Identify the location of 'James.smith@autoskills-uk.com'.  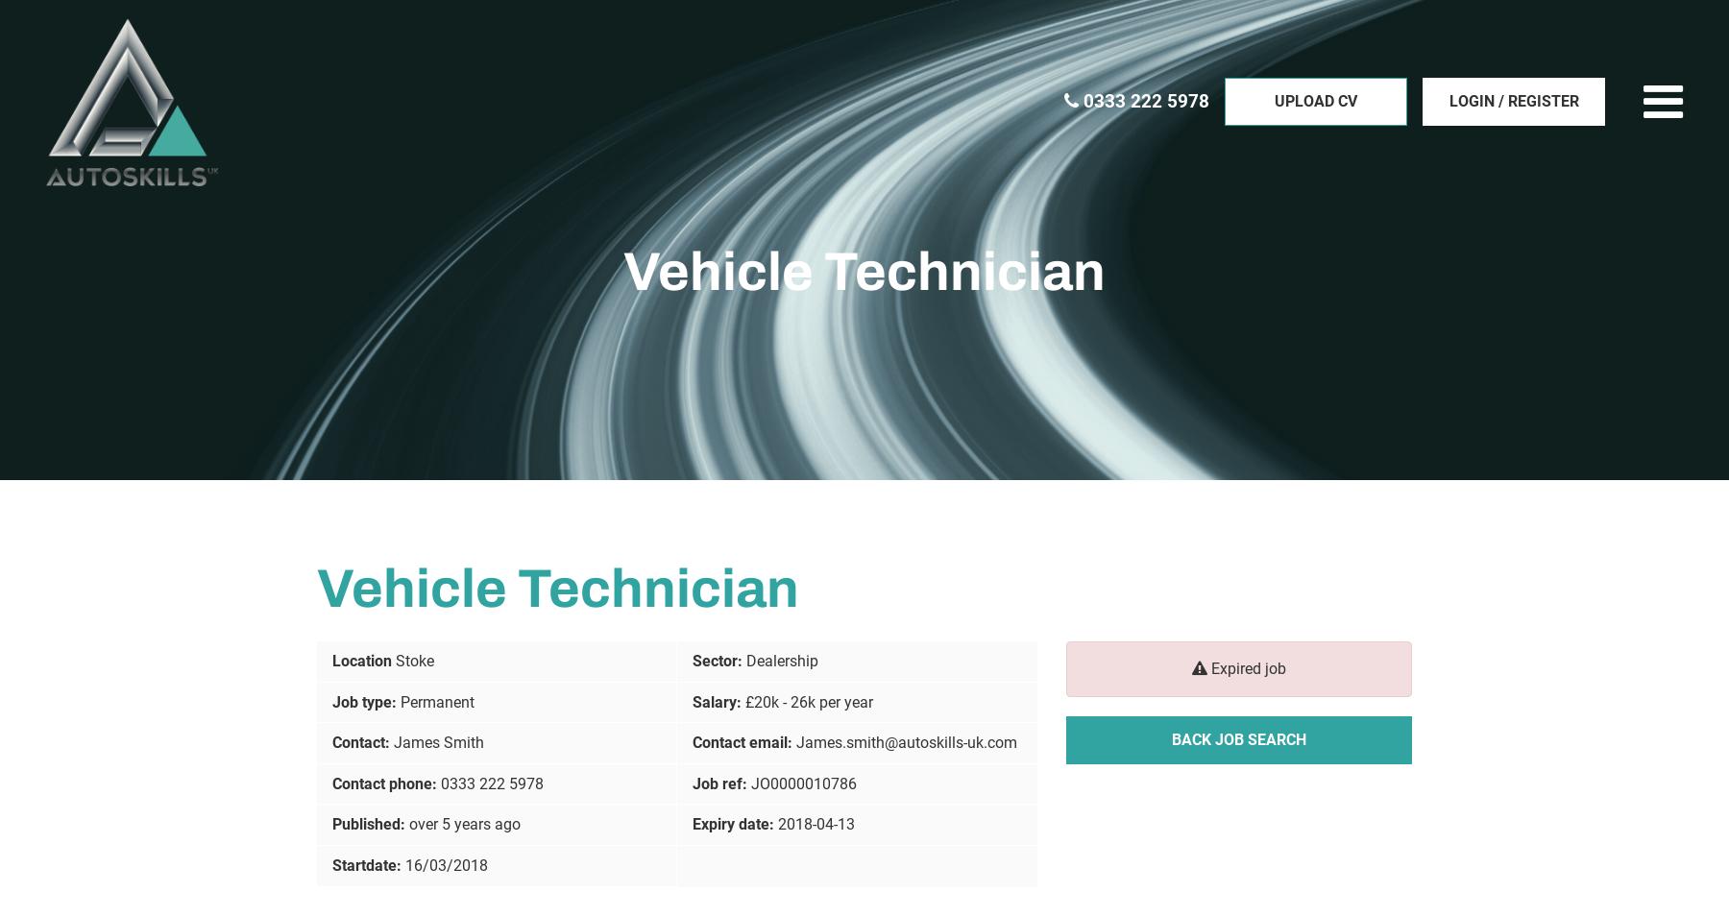
(905, 742).